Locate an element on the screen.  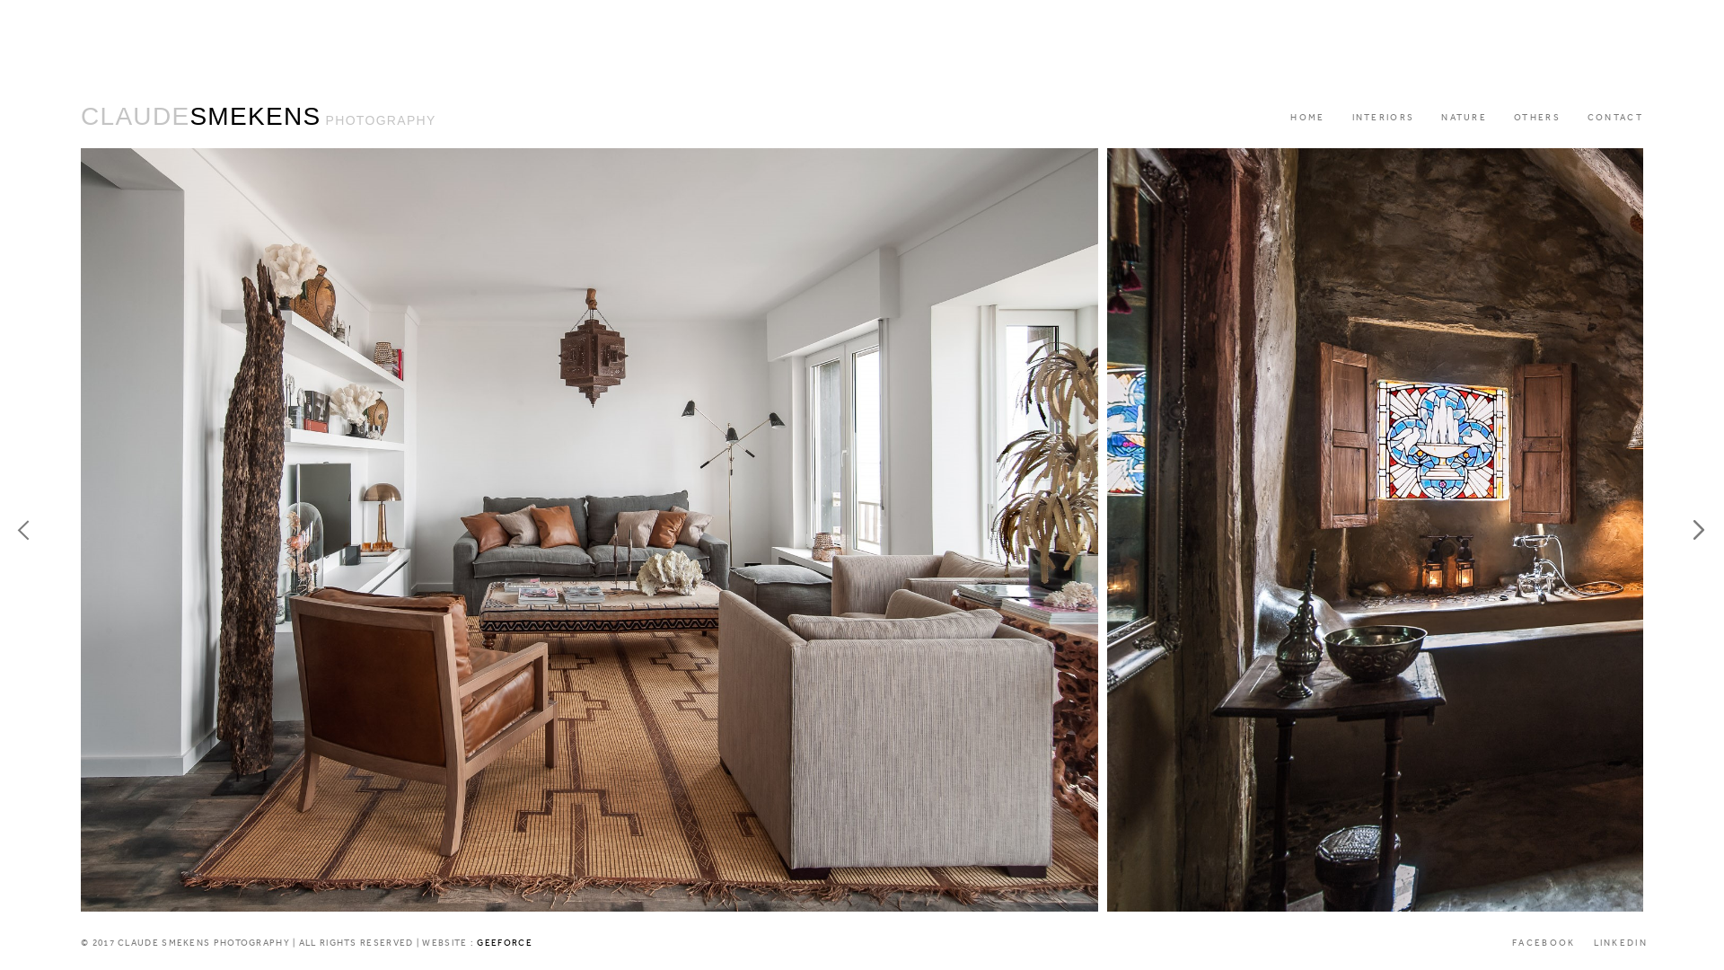
'GEEFORCE' is located at coordinates (503, 941).